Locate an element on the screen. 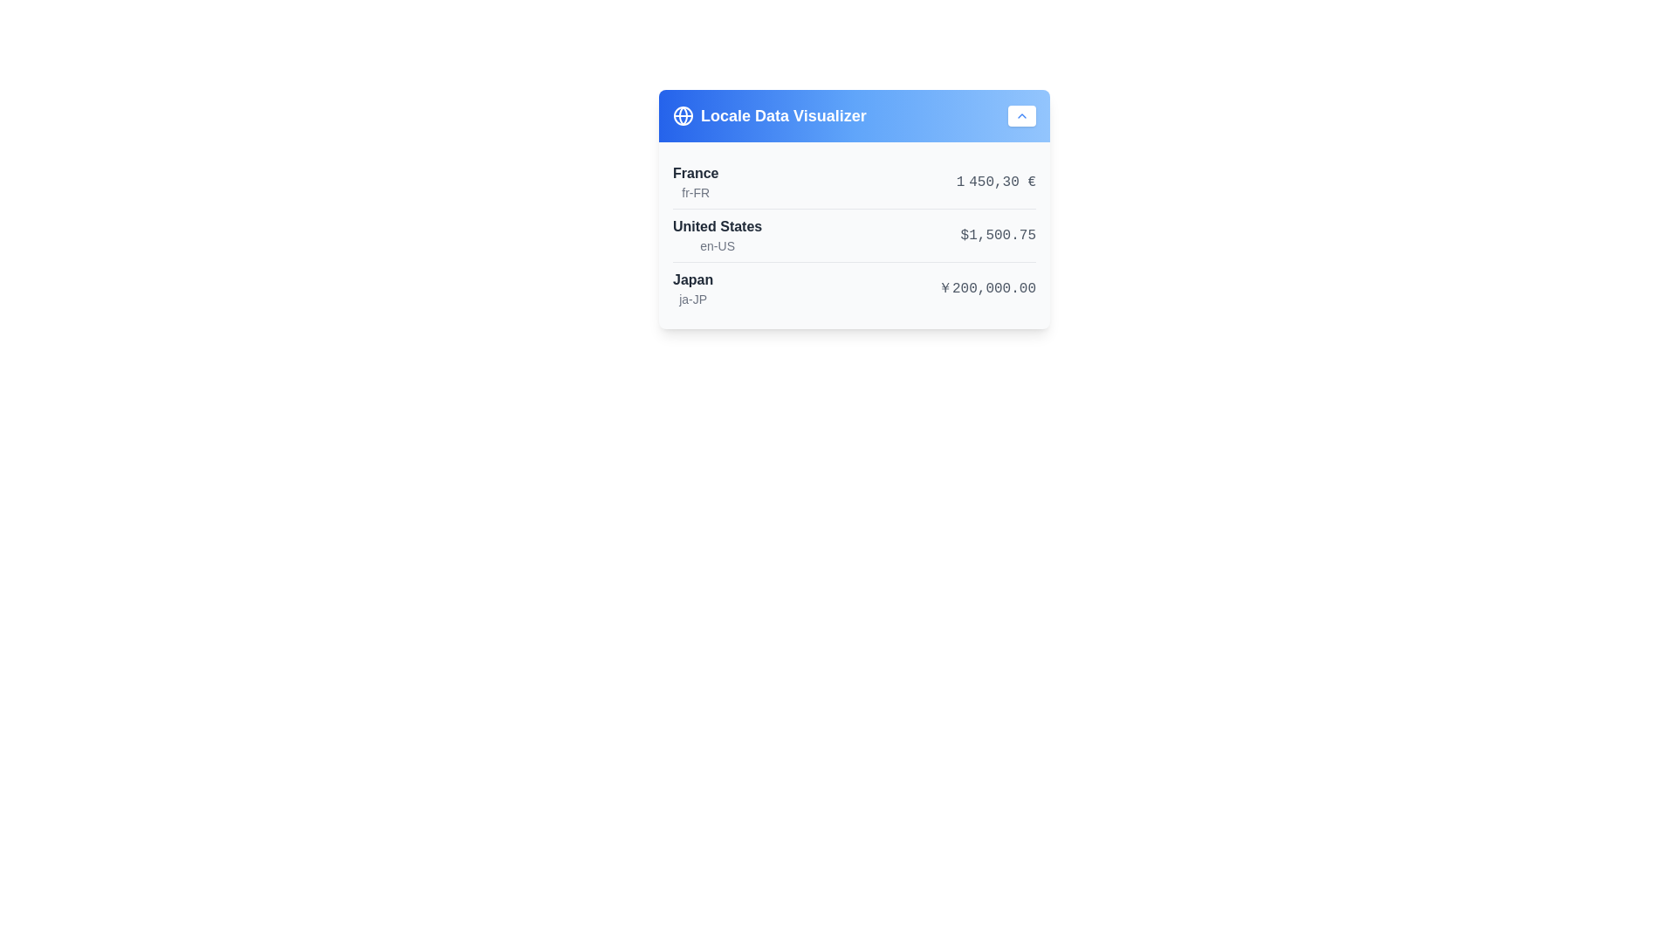 The image size is (1676, 943). the 'United States' text label, which is displayed in bold and dark gray text, located in the right section of the 'Locale Data Visualizer' modal, above the 'en-US' text is located at coordinates (718, 225).